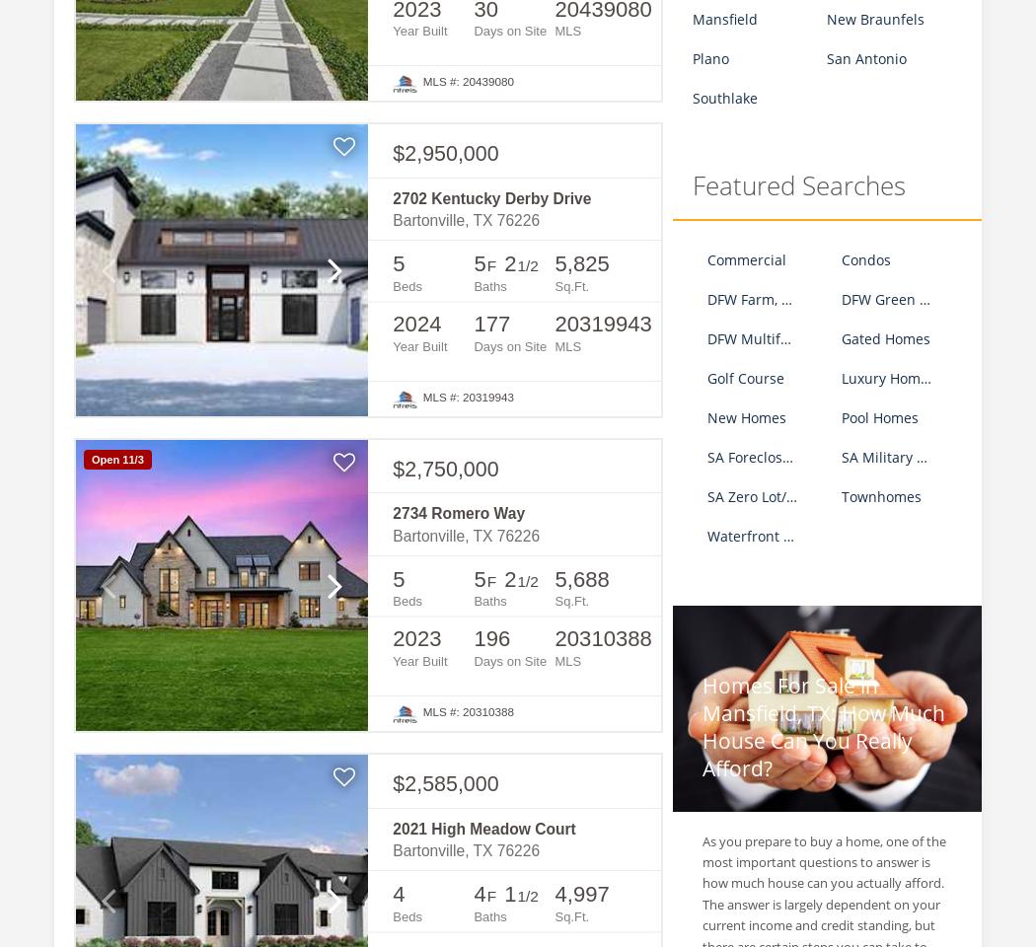 The width and height of the screenshot is (1036, 947). What do you see at coordinates (392, 637) in the screenshot?
I see `'2023'` at bounding box center [392, 637].